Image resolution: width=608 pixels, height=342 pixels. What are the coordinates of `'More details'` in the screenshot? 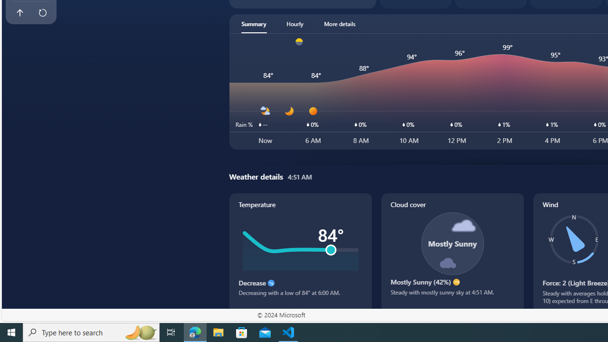 It's located at (340, 23).